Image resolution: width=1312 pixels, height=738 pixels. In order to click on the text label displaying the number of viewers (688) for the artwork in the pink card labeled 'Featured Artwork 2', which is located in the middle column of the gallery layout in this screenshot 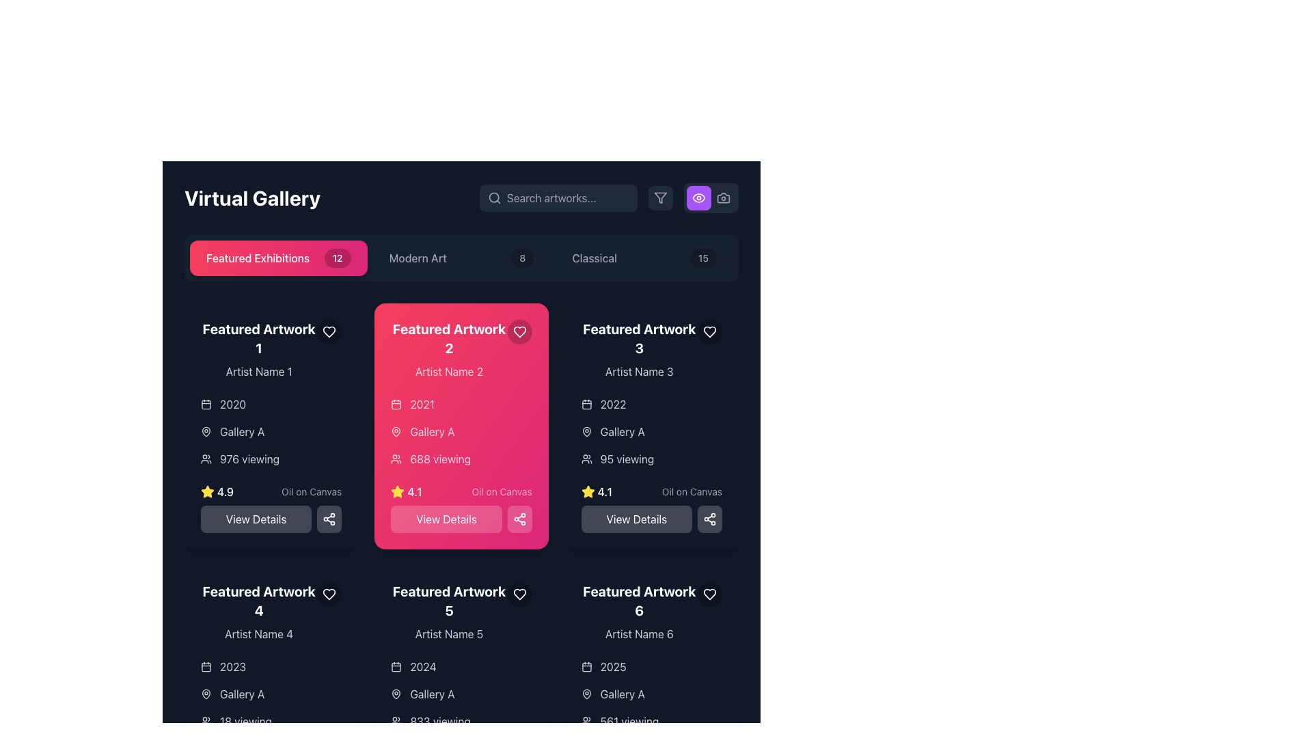, I will do `click(440, 459)`.